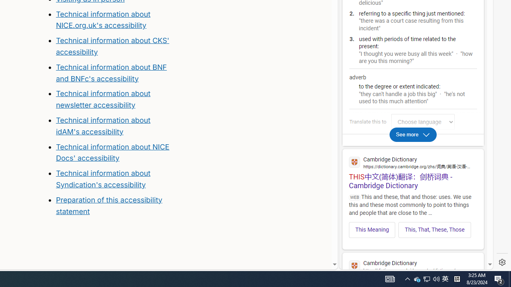  I want to click on 'Technical information about newsletter accessibility', so click(103, 99).